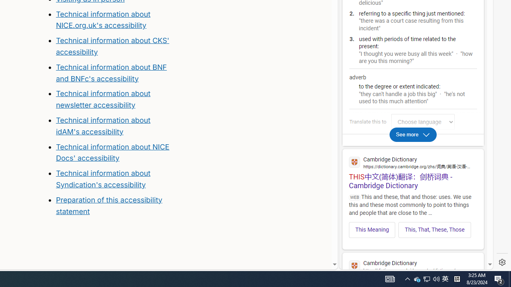  I want to click on 'Technical information about newsletter accessibility', so click(103, 99).